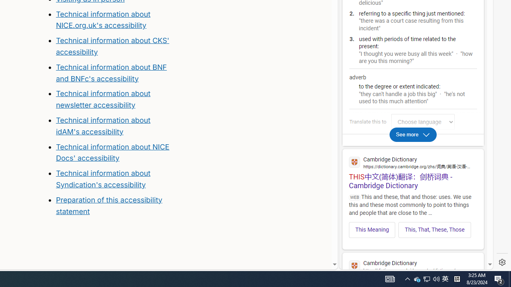  I want to click on 'Technical information about newsletter accessibility', so click(103, 99).